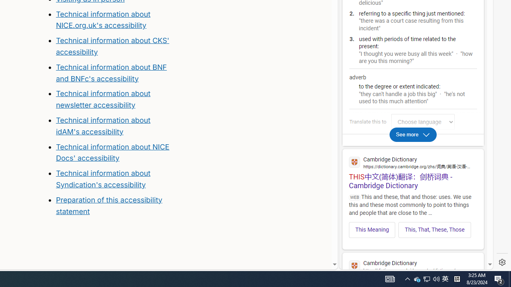  I want to click on 'Technical information about newsletter accessibility', so click(103, 99).